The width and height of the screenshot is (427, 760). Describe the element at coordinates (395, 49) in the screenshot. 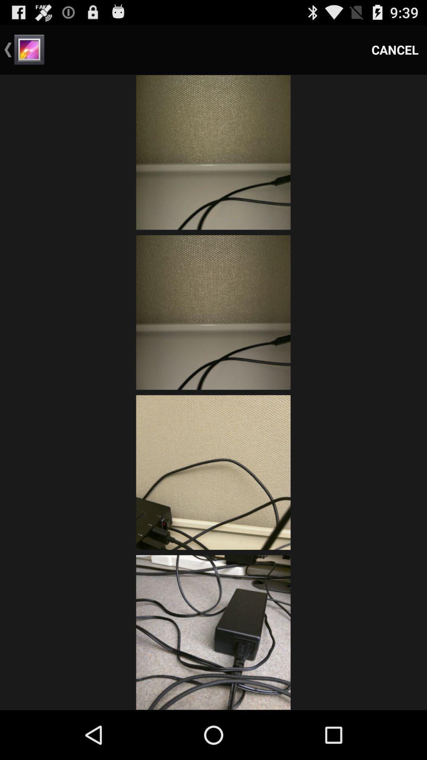

I see `the cancel at the top right corner` at that location.